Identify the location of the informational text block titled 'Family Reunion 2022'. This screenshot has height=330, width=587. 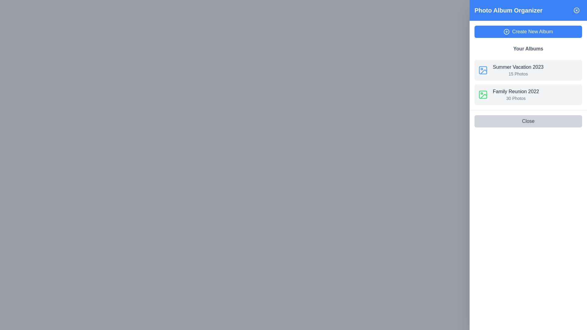
(515, 94).